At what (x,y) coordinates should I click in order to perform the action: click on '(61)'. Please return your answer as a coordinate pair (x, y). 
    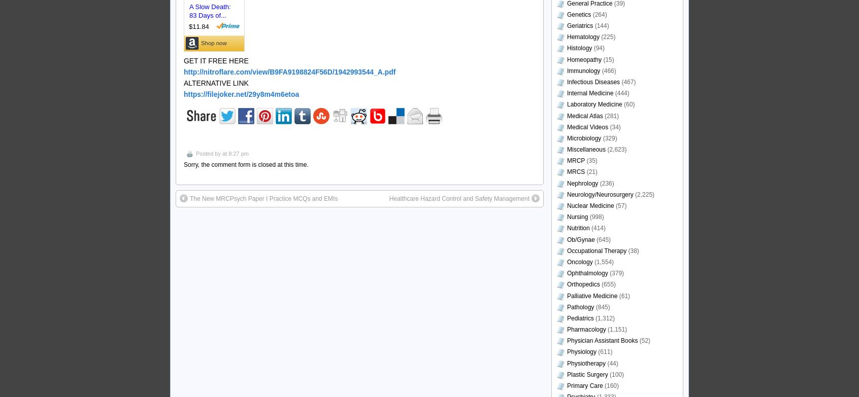
    Looking at the image, I should click on (623, 295).